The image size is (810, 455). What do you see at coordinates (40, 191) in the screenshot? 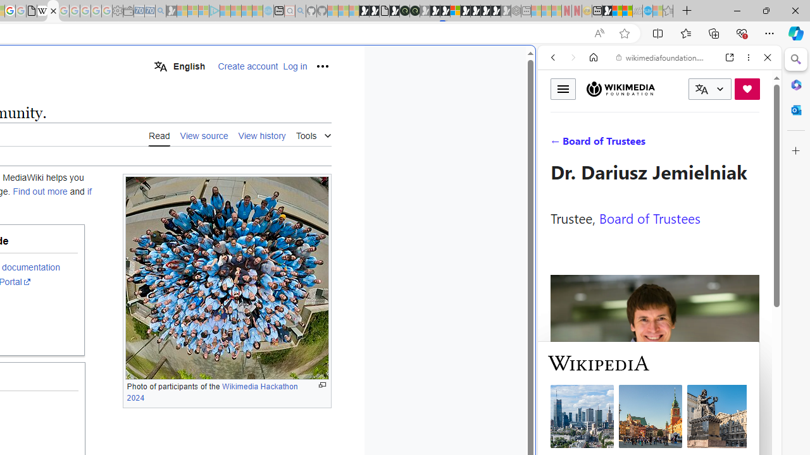
I see `'Find out more'` at bounding box center [40, 191].